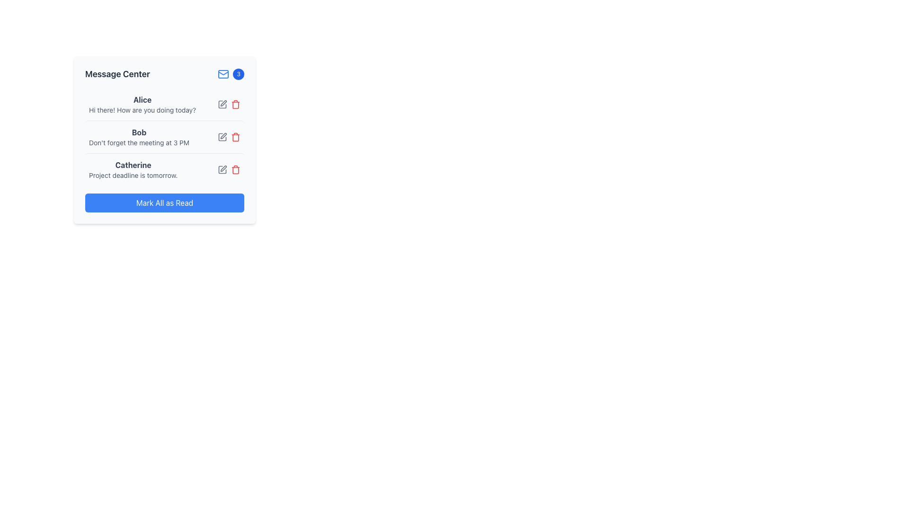 Image resolution: width=909 pixels, height=511 pixels. What do you see at coordinates (222, 104) in the screenshot?
I see `the rectangular SVG icon with a gray outline, which is located to the right of Alice's name and message` at bounding box center [222, 104].